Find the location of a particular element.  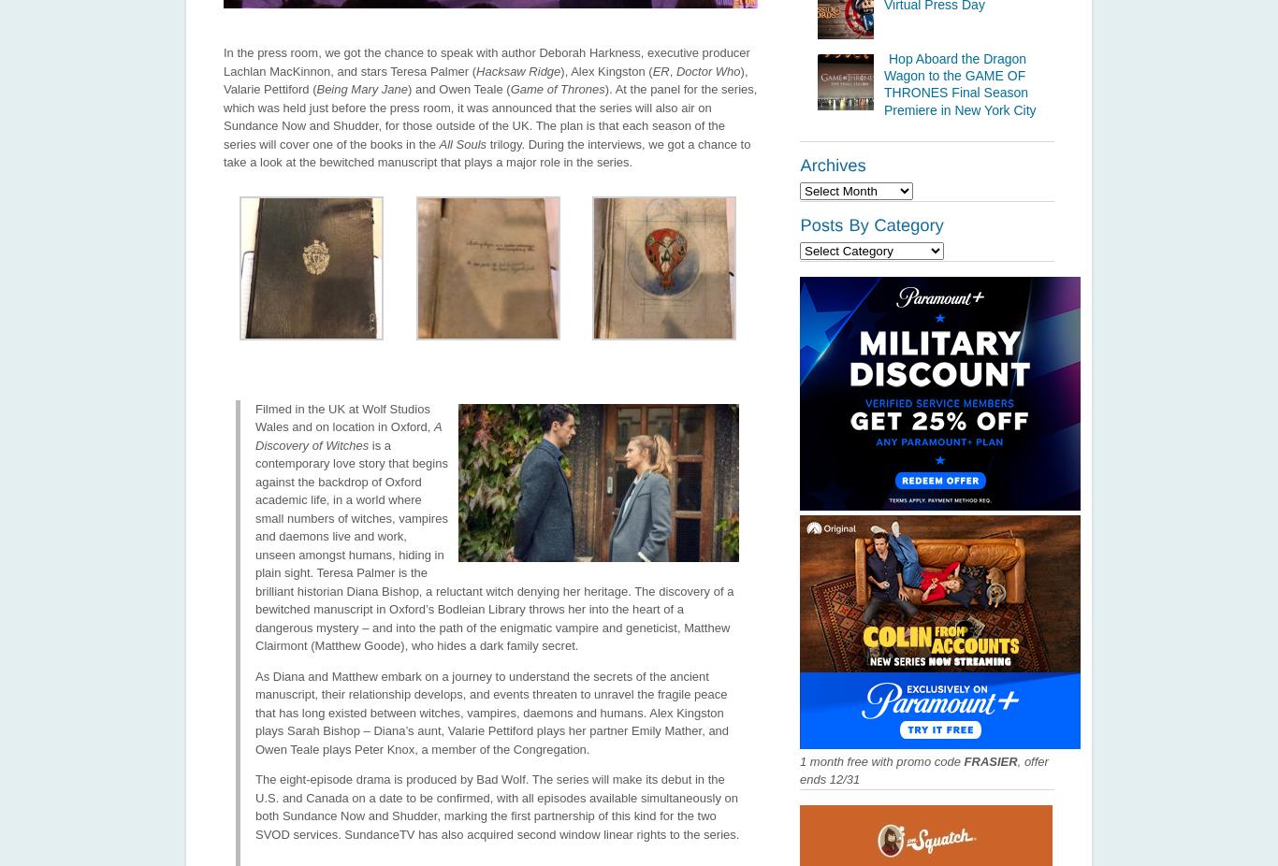

'Game of Thrones' is located at coordinates (556, 88).